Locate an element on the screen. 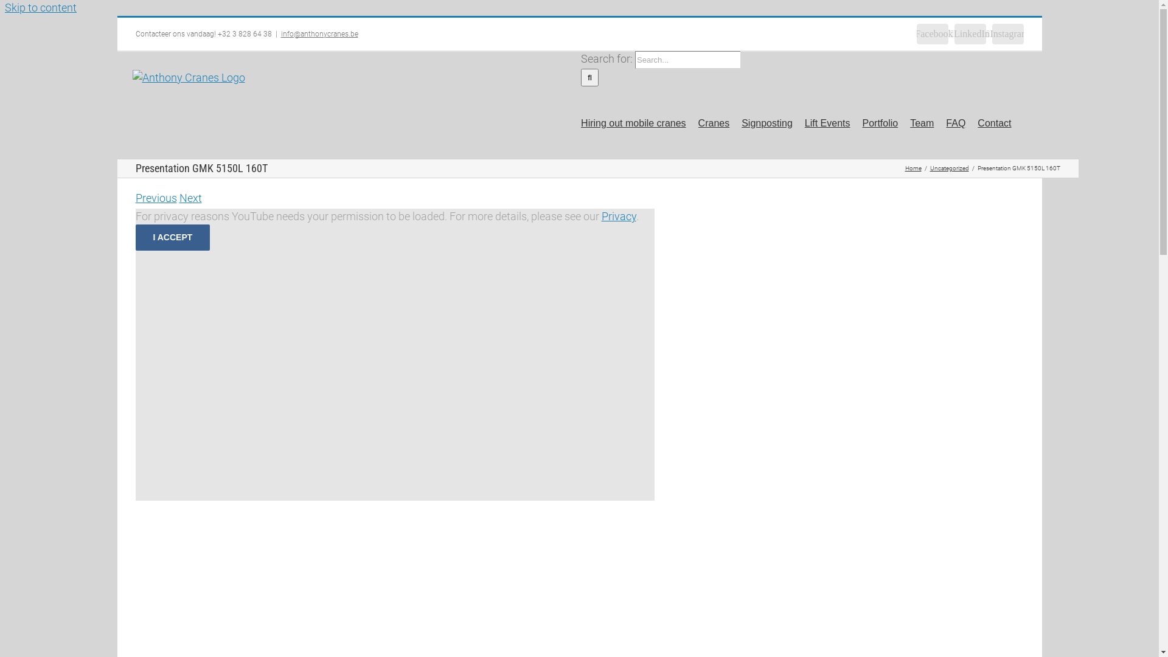 The height and width of the screenshot is (657, 1168). 'Uncategorized' is located at coordinates (948, 168).